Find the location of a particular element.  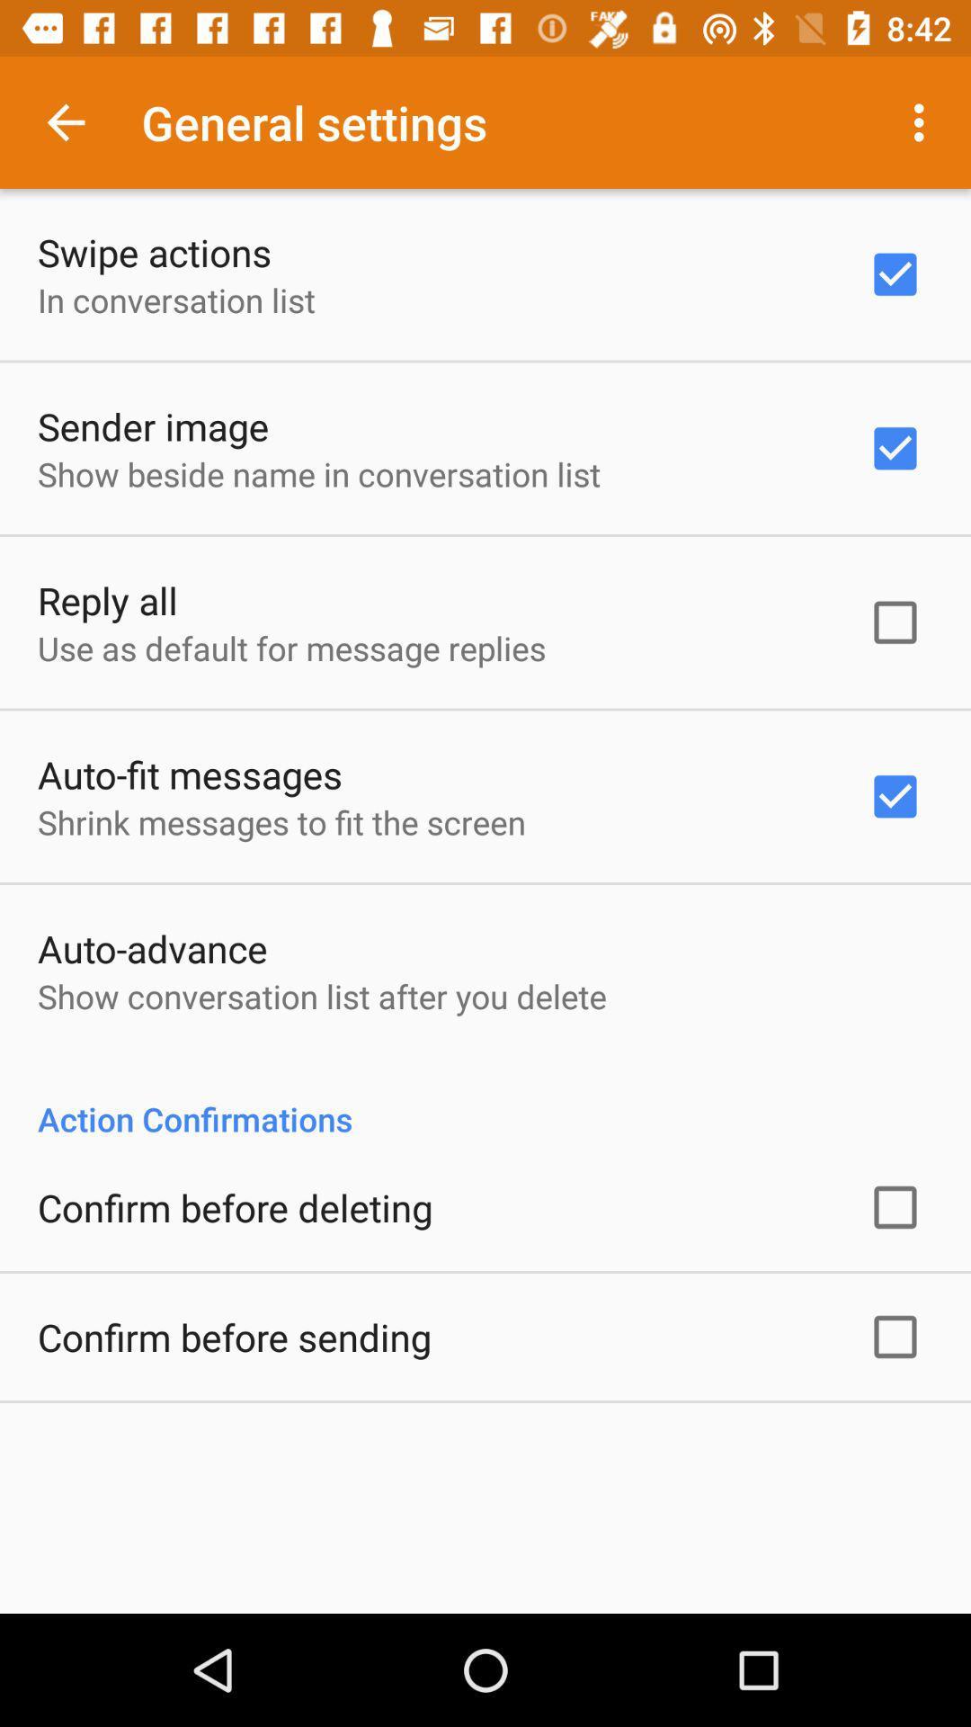

item below reply all item is located at coordinates (290, 648).